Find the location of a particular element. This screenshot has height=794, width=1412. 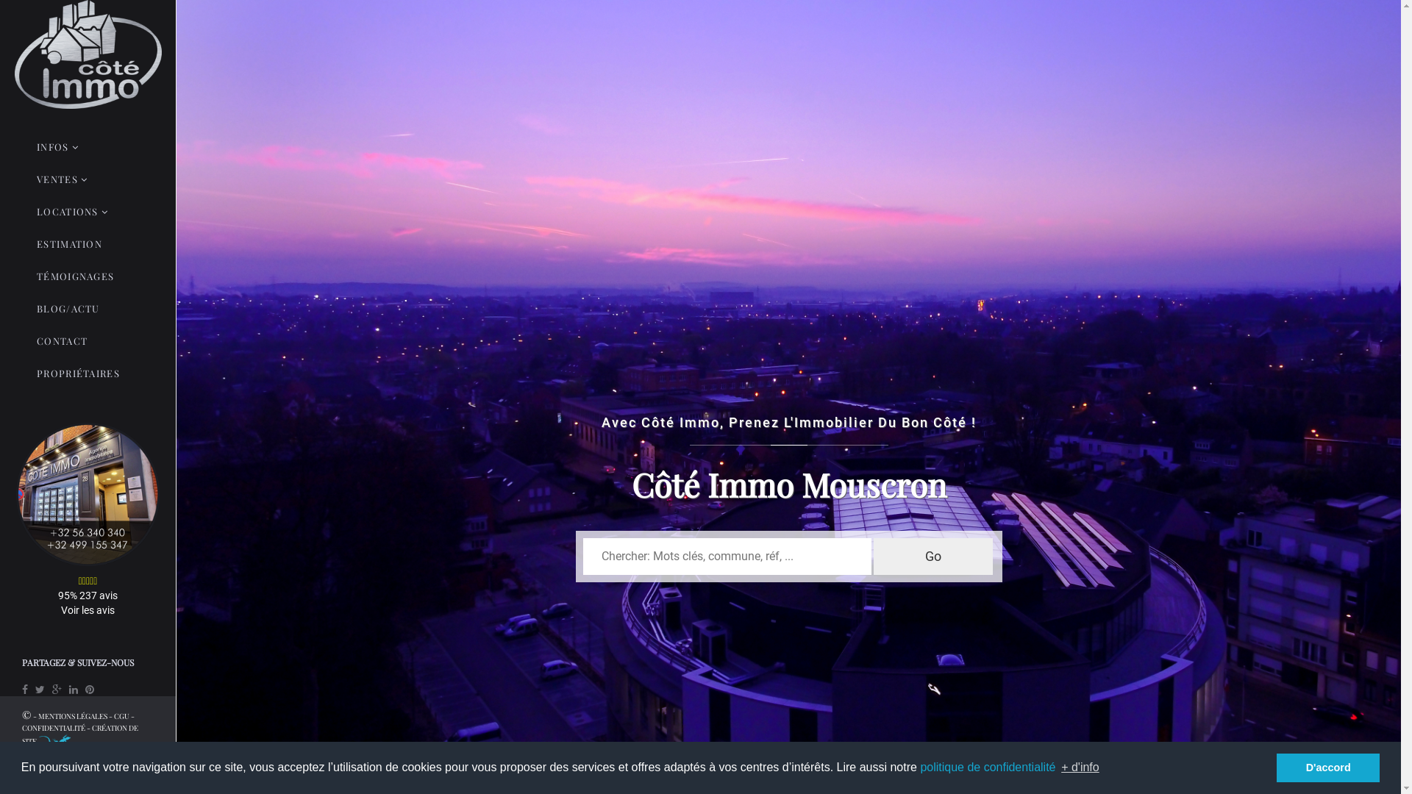

'VENTES' is located at coordinates (61, 178).